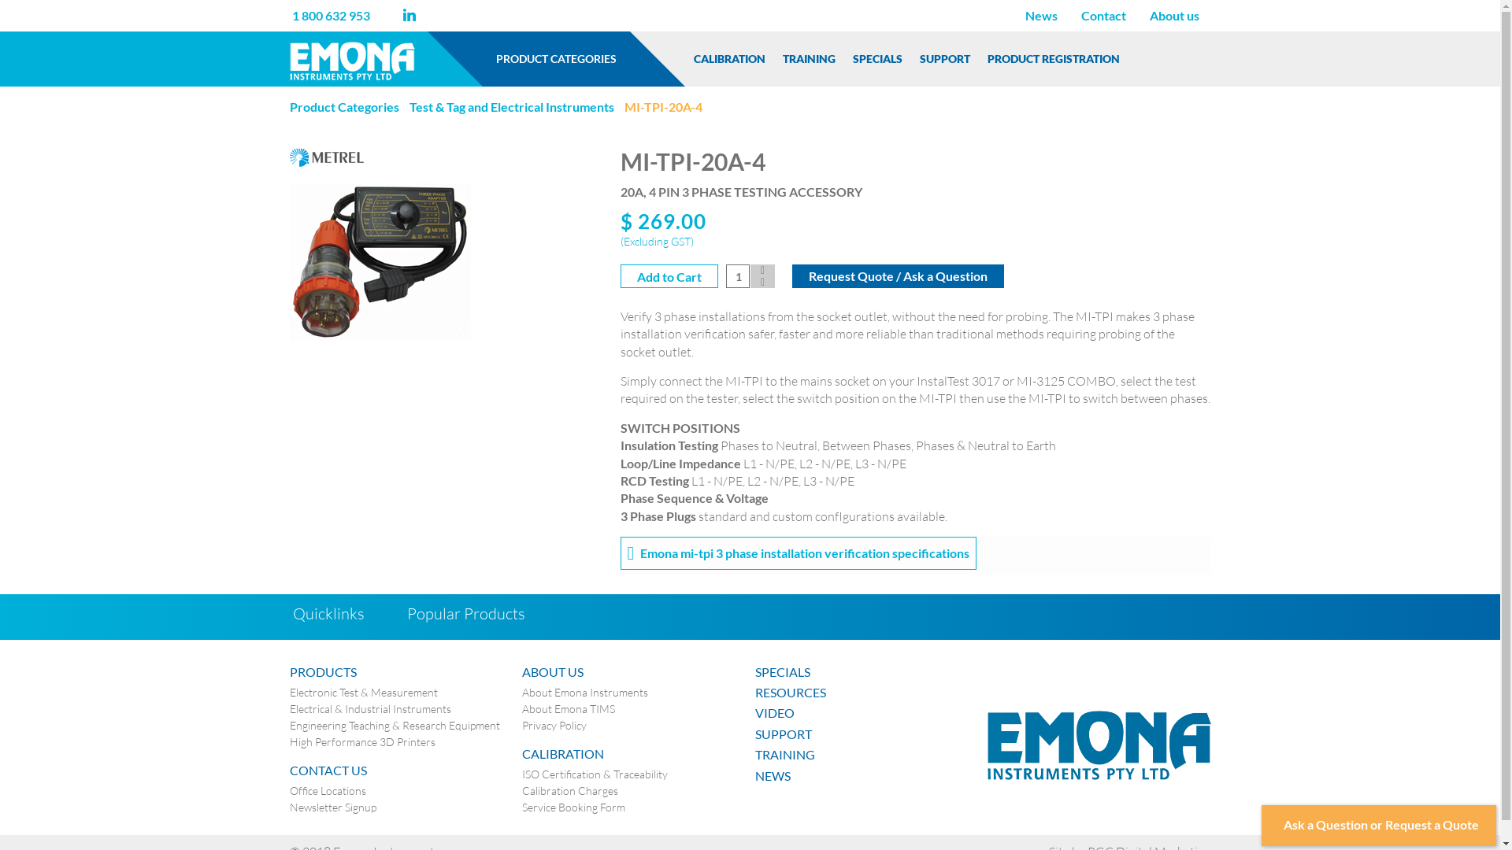 The image size is (1512, 850). Describe the element at coordinates (619, 275) in the screenshot. I see `'Add to Cart'` at that location.